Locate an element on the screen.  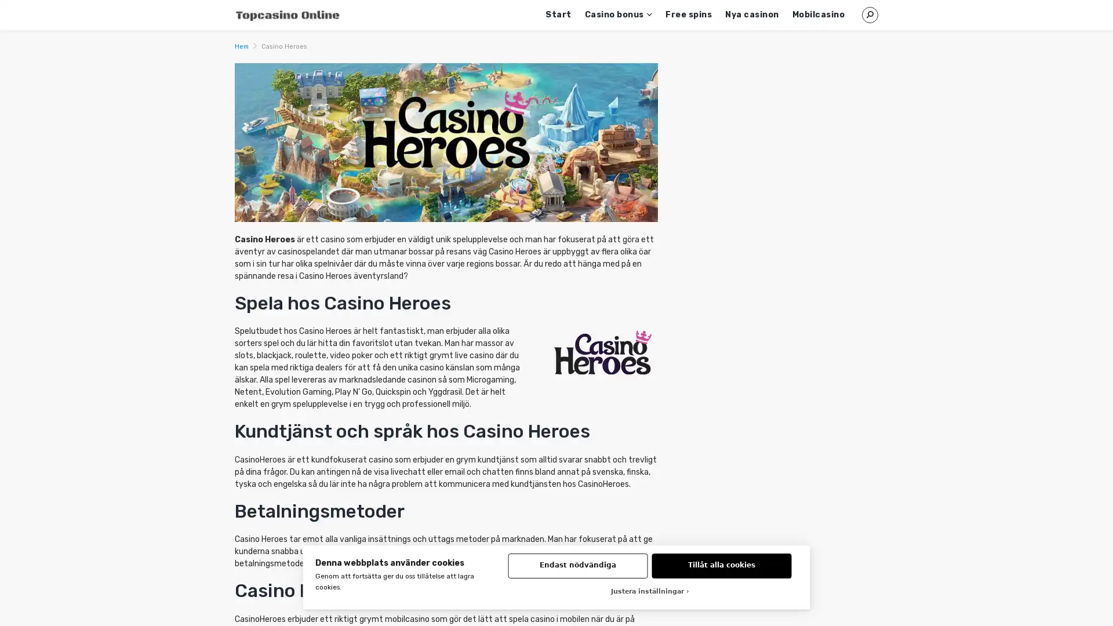
Endast nodvandiga is located at coordinates (577, 565).